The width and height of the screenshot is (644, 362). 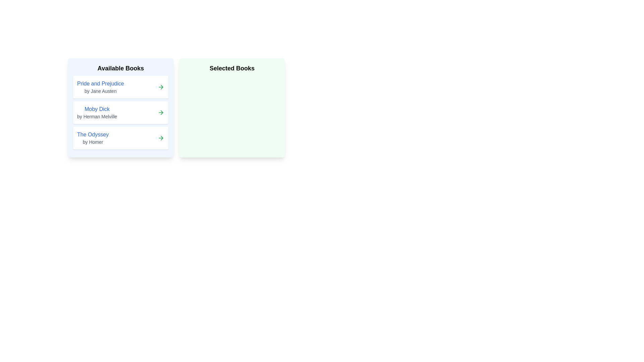 What do you see at coordinates (162, 86) in the screenshot?
I see `the right-pointing arrow icon in the 'Available Books' section for 'Pride and Prejudice by Jane Austen'` at bounding box center [162, 86].